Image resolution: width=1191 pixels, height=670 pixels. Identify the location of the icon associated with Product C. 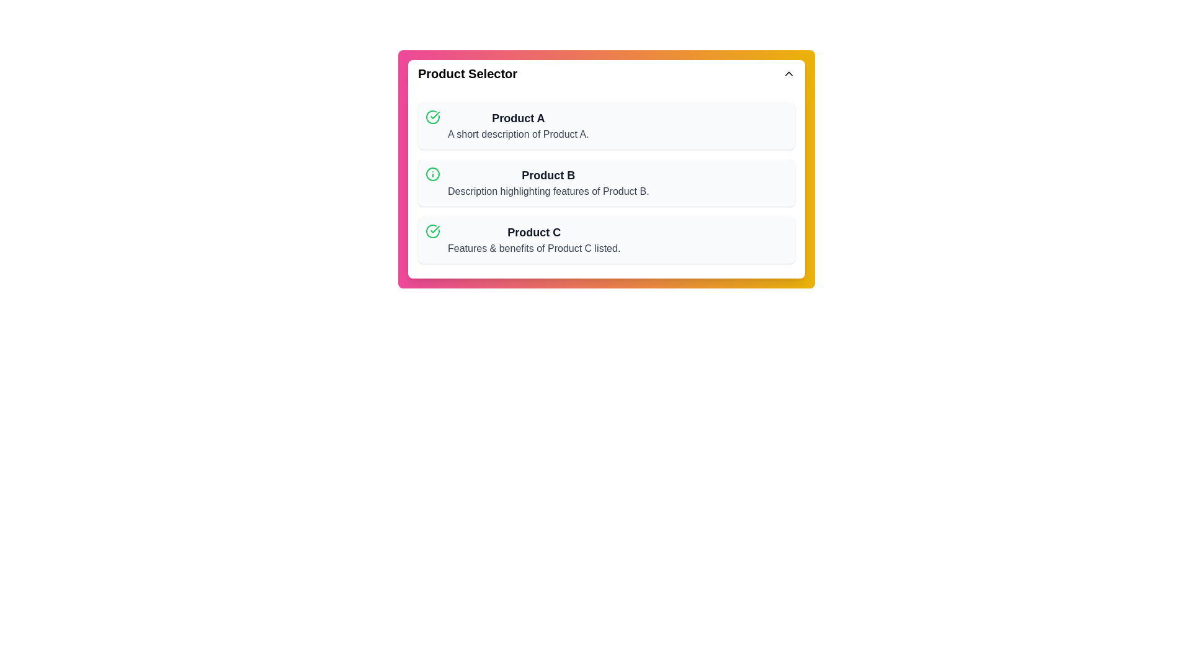
(432, 231).